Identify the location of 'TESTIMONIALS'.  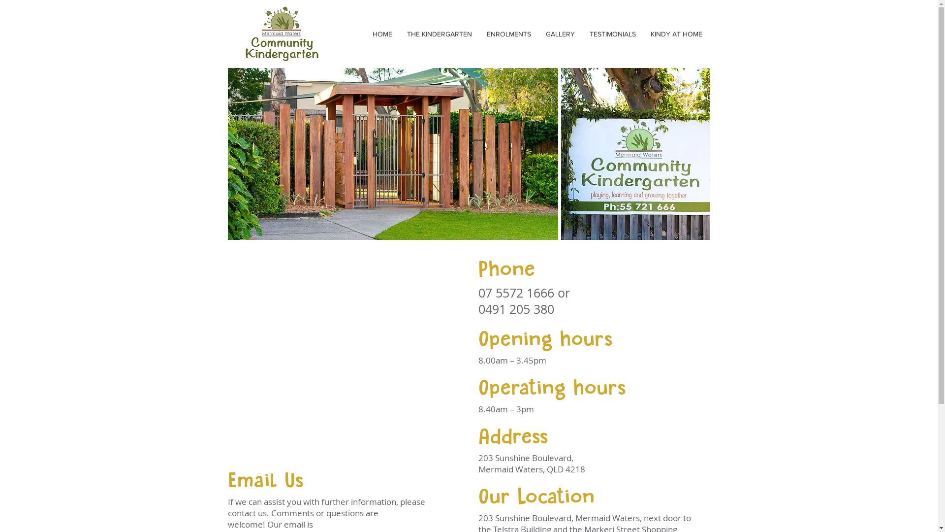
(611, 33).